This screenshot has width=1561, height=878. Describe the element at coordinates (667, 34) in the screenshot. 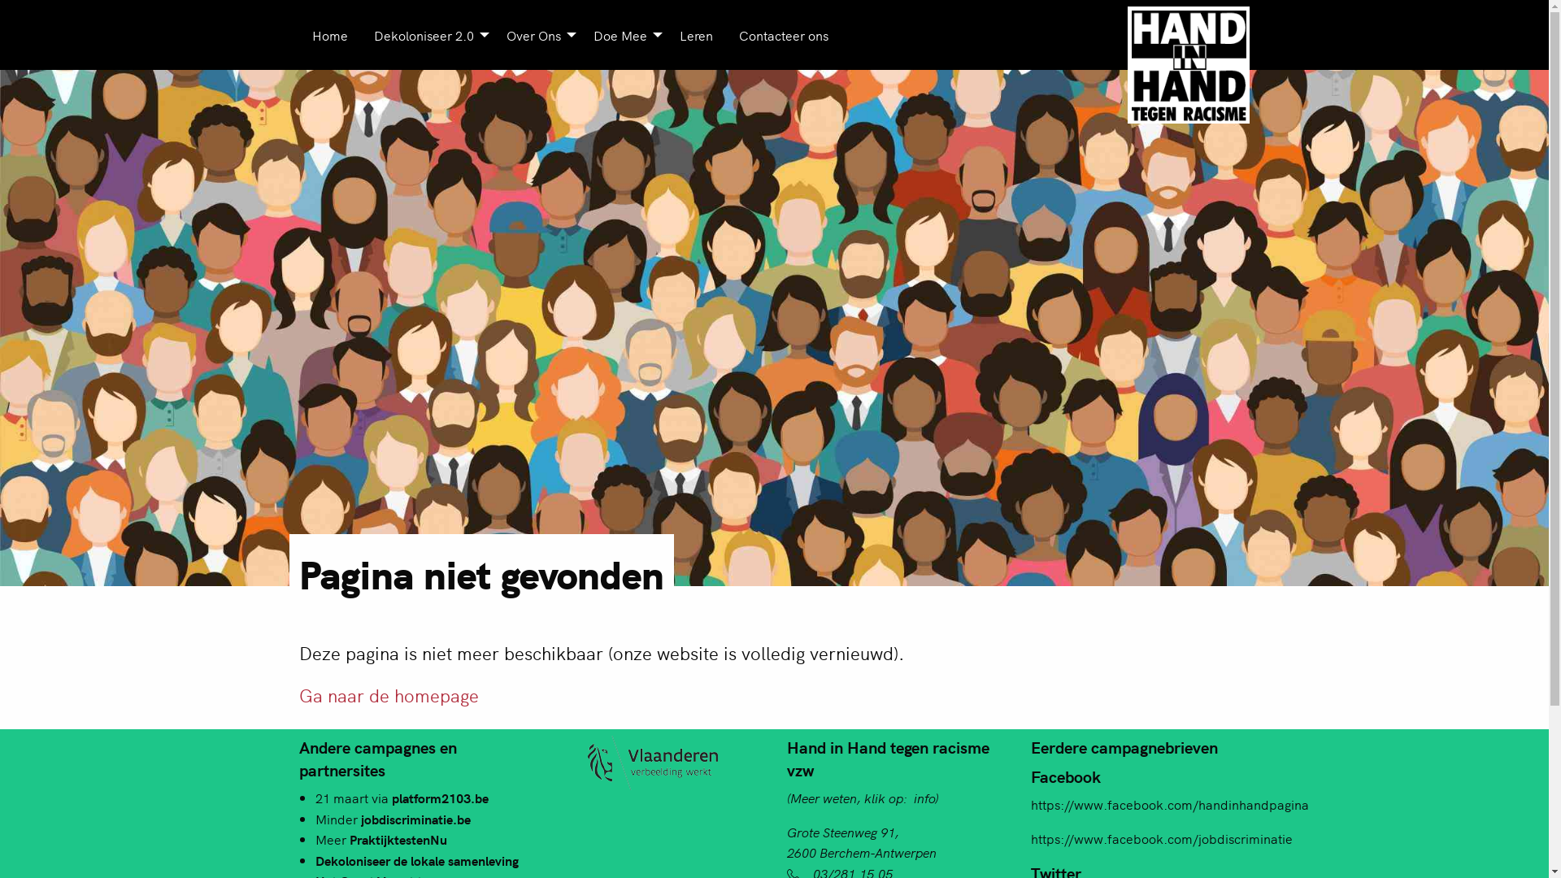

I see `'Leren'` at that location.